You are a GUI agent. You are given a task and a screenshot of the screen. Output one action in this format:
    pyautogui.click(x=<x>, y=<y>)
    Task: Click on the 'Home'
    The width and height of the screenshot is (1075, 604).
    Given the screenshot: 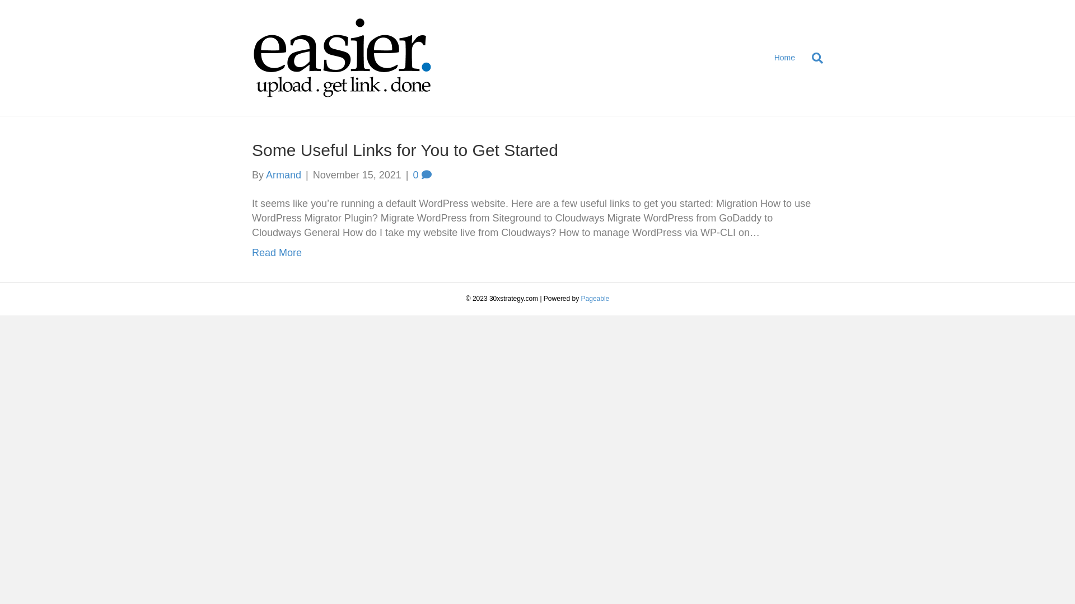 What is the action you would take?
    pyautogui.click(x=784, y=58)
    